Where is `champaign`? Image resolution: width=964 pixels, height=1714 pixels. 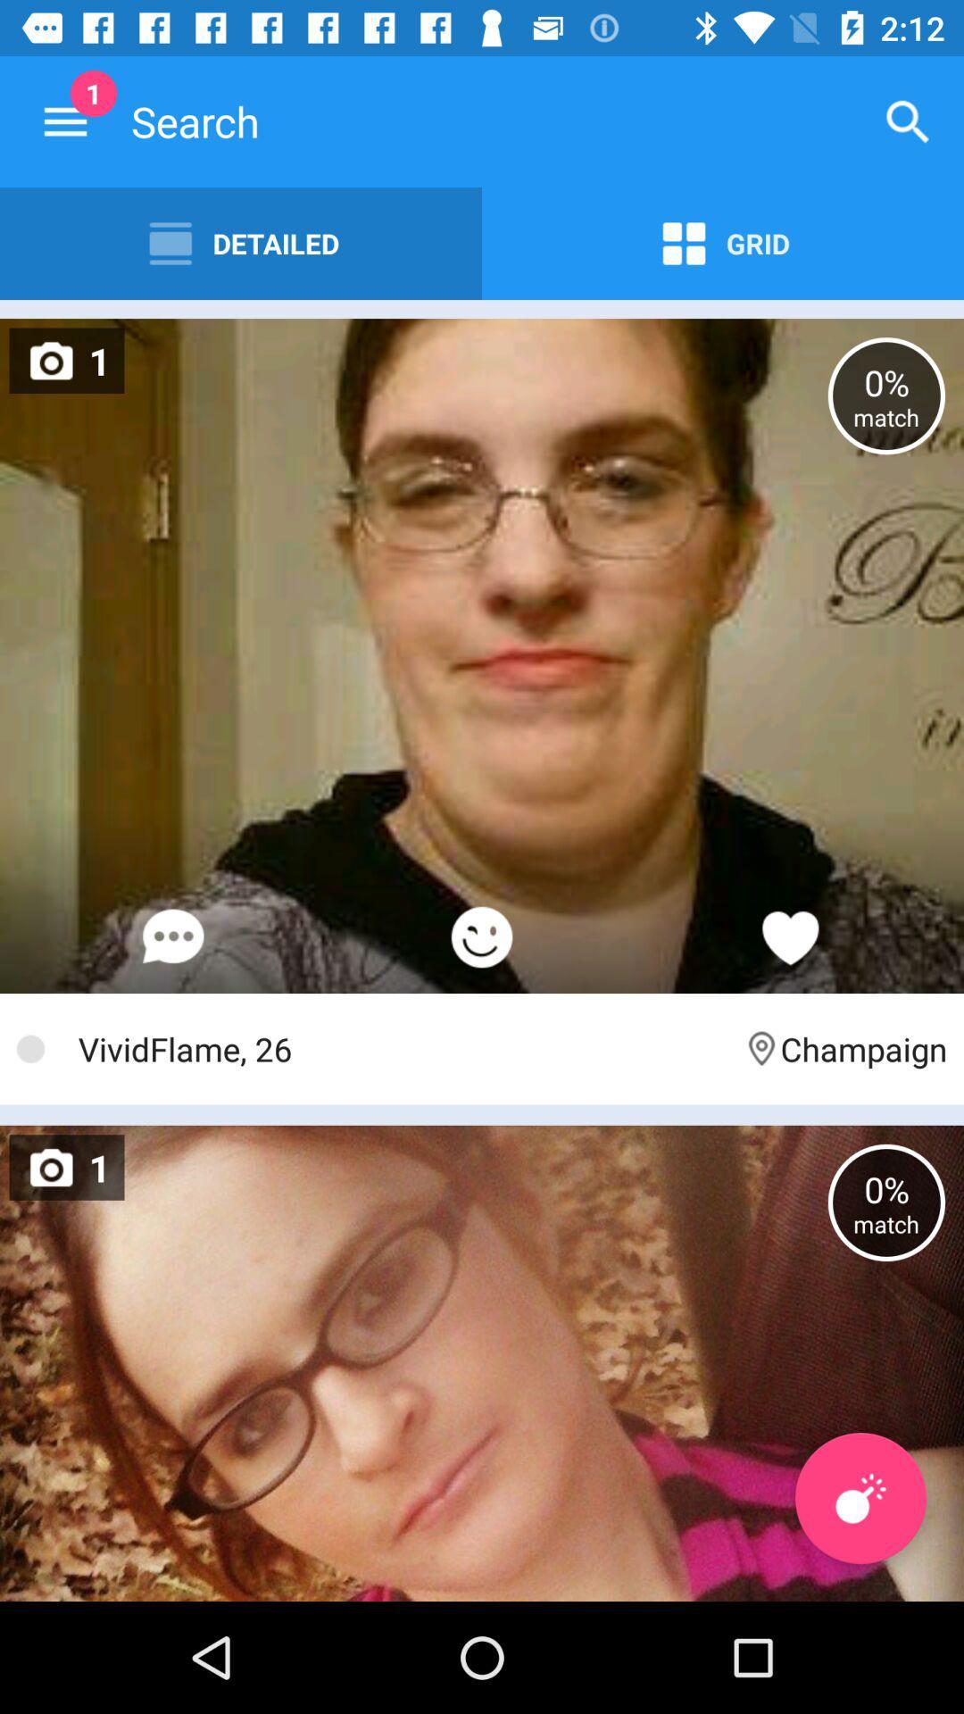
champaign is located at coordinates (843, 1049).